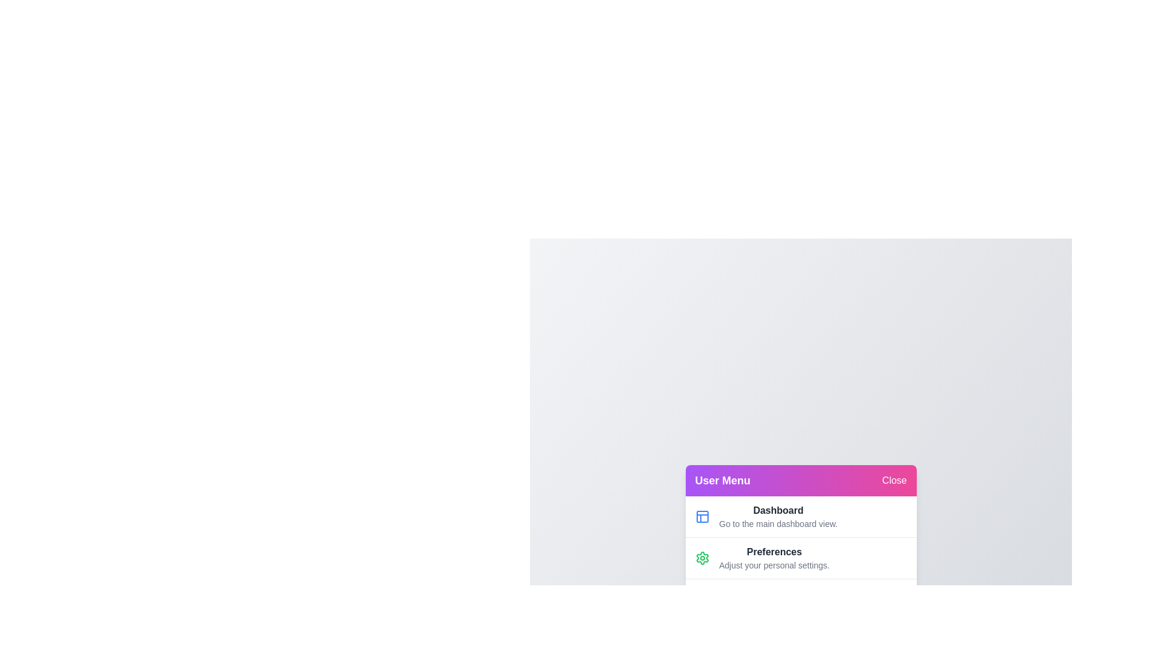 This screenshot has height=649, width=1155. Describe the element at coordinates (774, 558) in the screenshot. I see `the menu item Preferences by clicking on it` at that location.